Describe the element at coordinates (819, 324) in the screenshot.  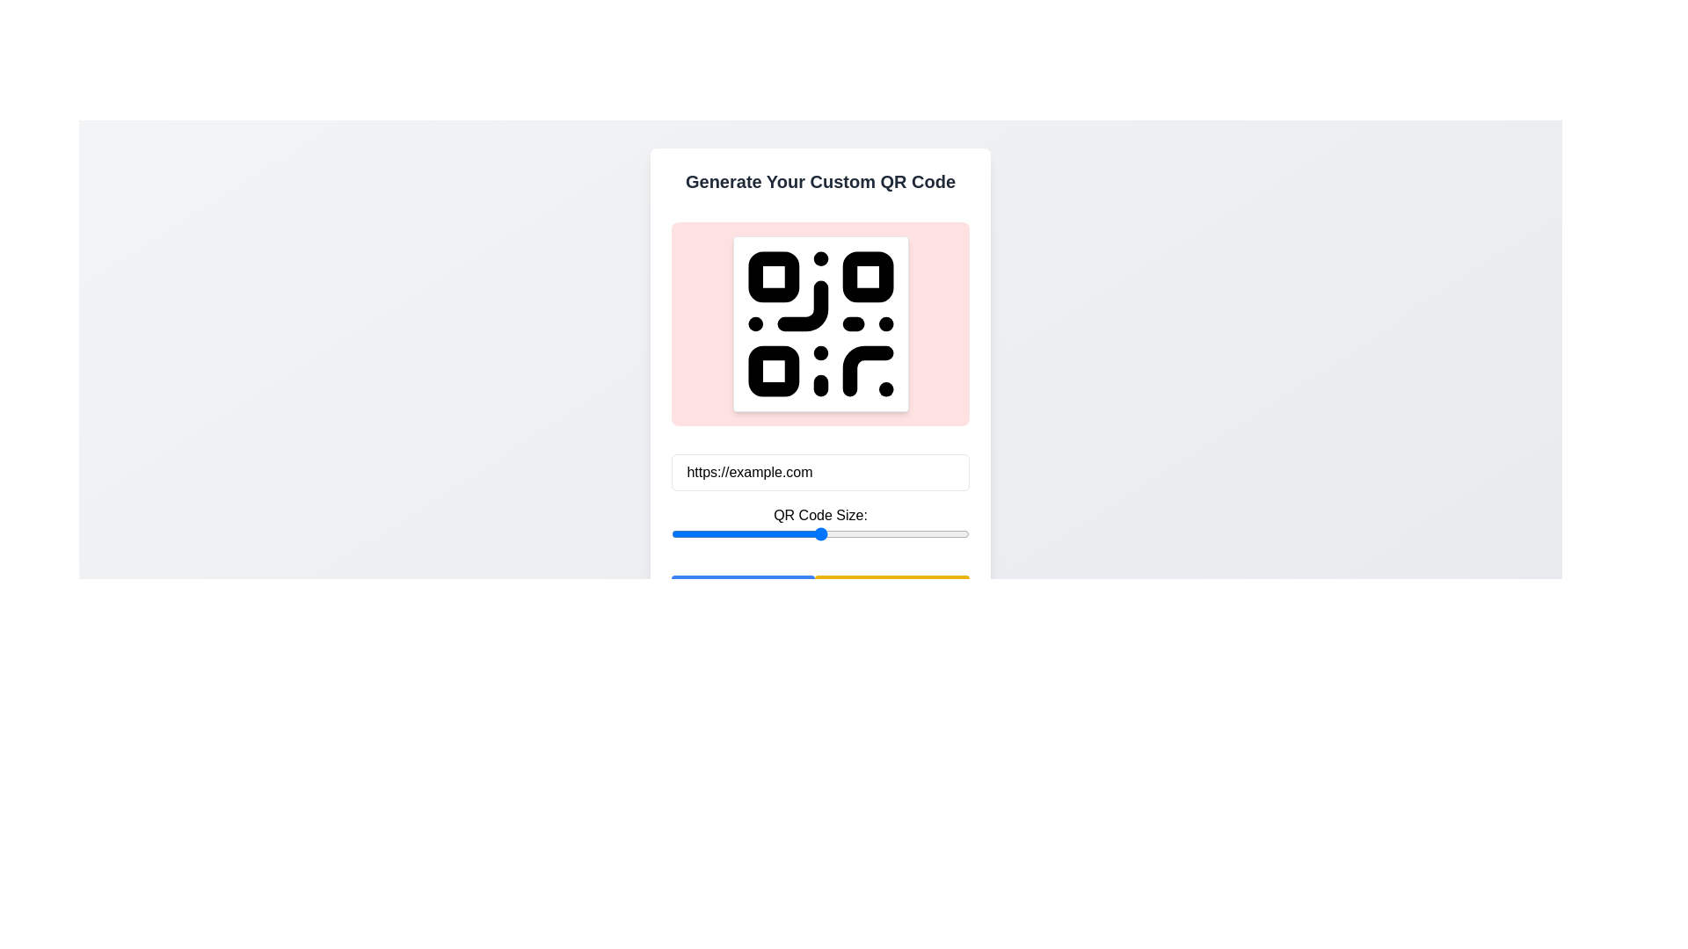
I see `the QR code SVG graphic, which is centrally located within a colored rectangle on a card UI component` at that location.